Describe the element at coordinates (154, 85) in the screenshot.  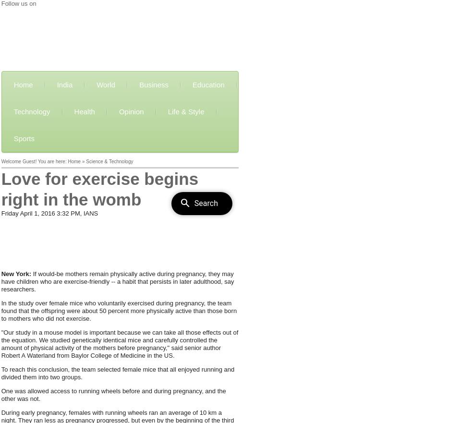
I see `'Business'` at that location.